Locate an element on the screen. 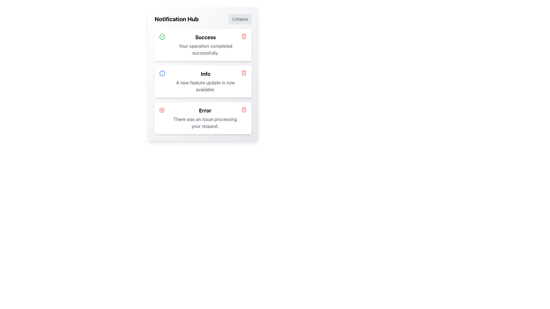 The image size is (550, 309). the error message text label located within the 'Error' notification card, positioned beneath the title of the card is located at coordinates (205, 122).